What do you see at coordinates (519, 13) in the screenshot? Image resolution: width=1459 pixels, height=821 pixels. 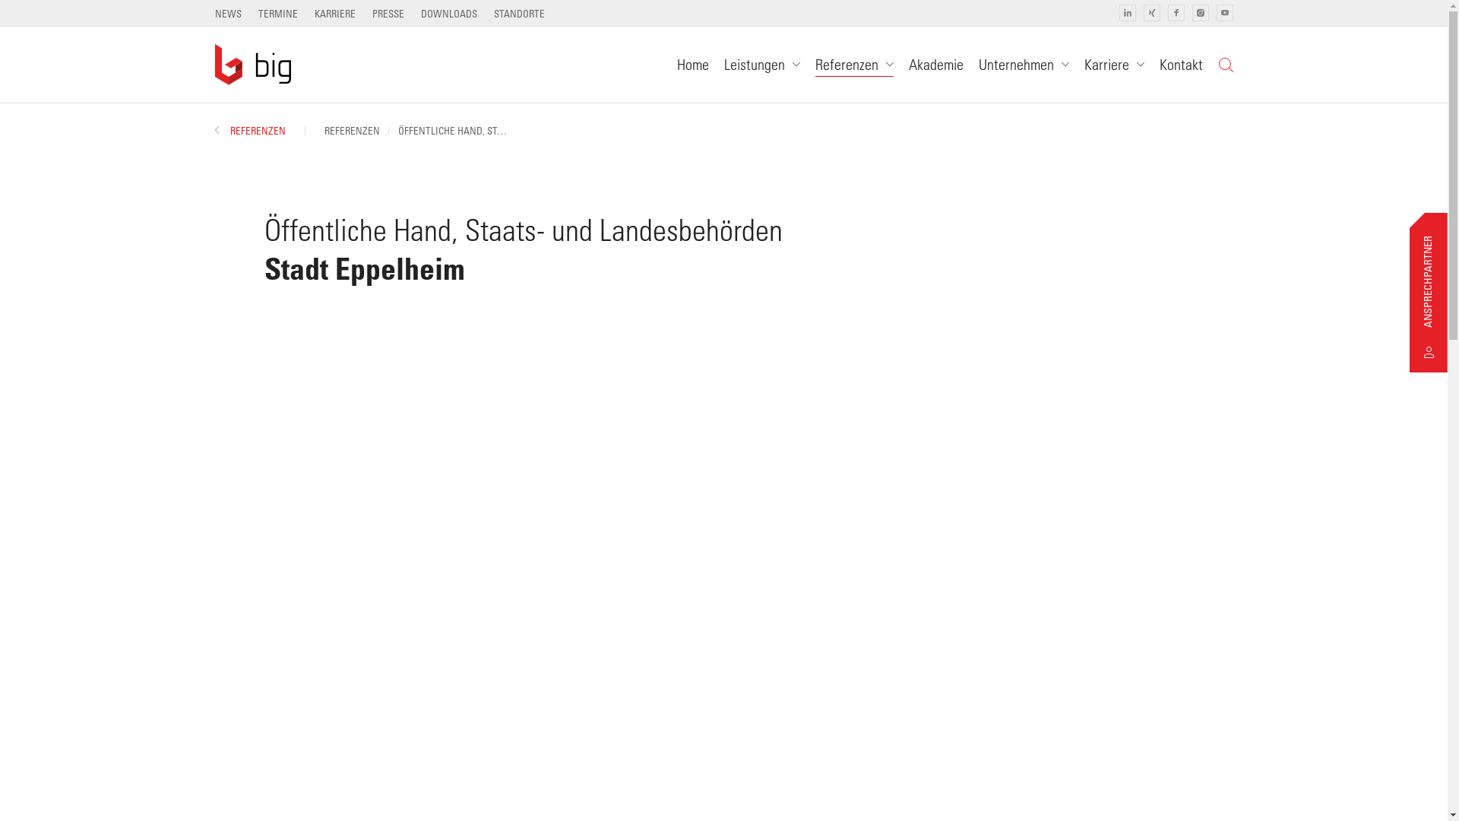 I see `'STANDORTE'` at bounding box center [519, 13].